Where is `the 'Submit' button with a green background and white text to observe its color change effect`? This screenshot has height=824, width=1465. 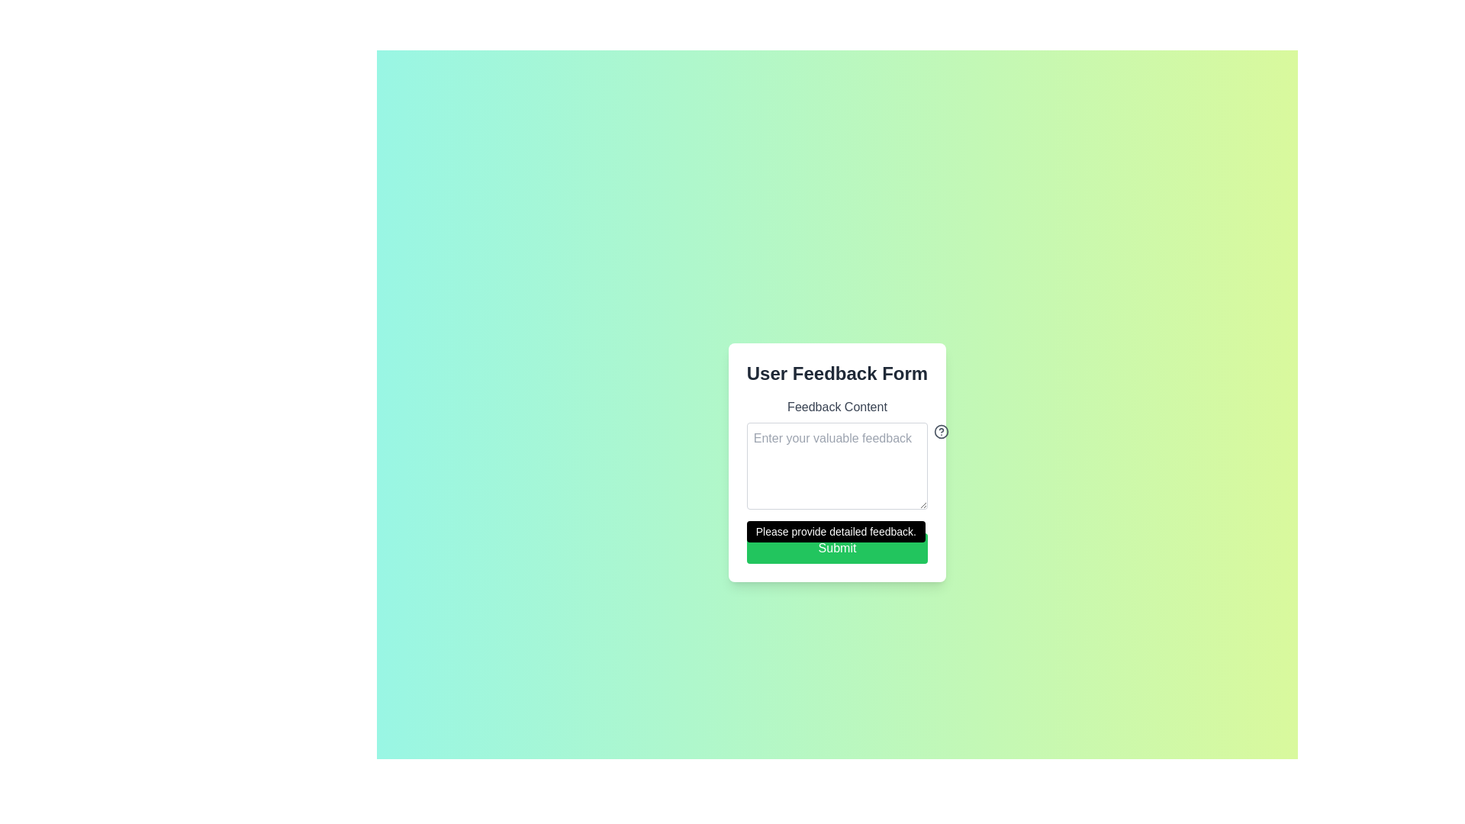 the 'Submit' button with a green background and white text to observe its color change effect is located at coordinates (836, 547).